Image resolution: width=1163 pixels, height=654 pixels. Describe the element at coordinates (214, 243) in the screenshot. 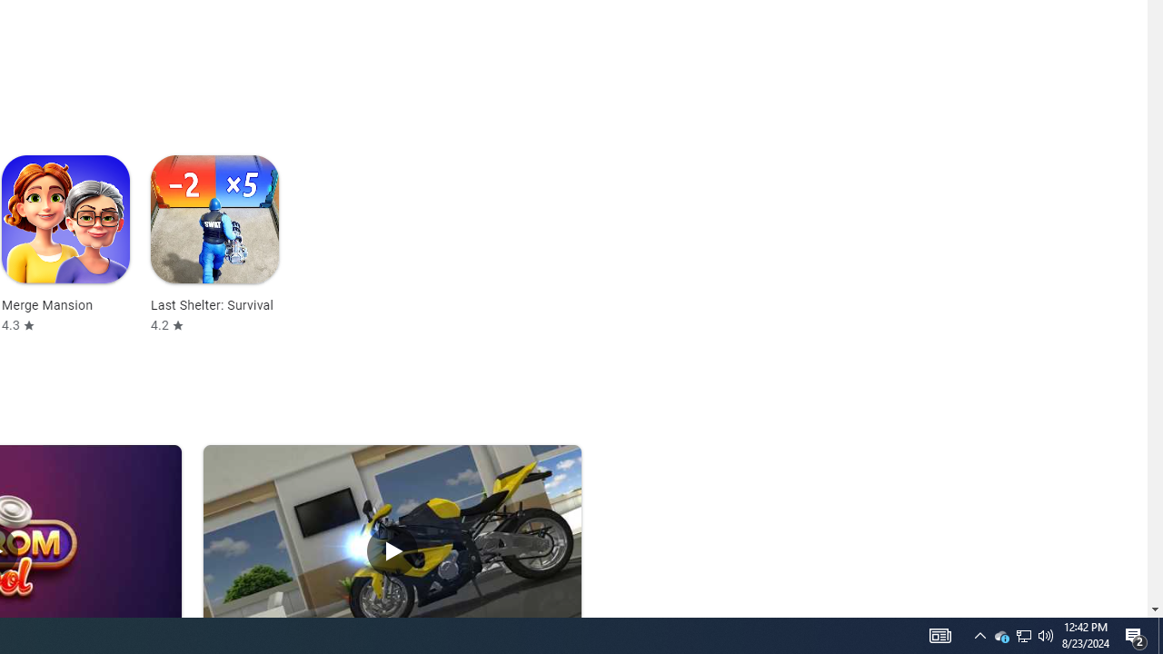

I see `'Last Shelter: Survival Rated 4.2 stars out of five stars'` at that location.